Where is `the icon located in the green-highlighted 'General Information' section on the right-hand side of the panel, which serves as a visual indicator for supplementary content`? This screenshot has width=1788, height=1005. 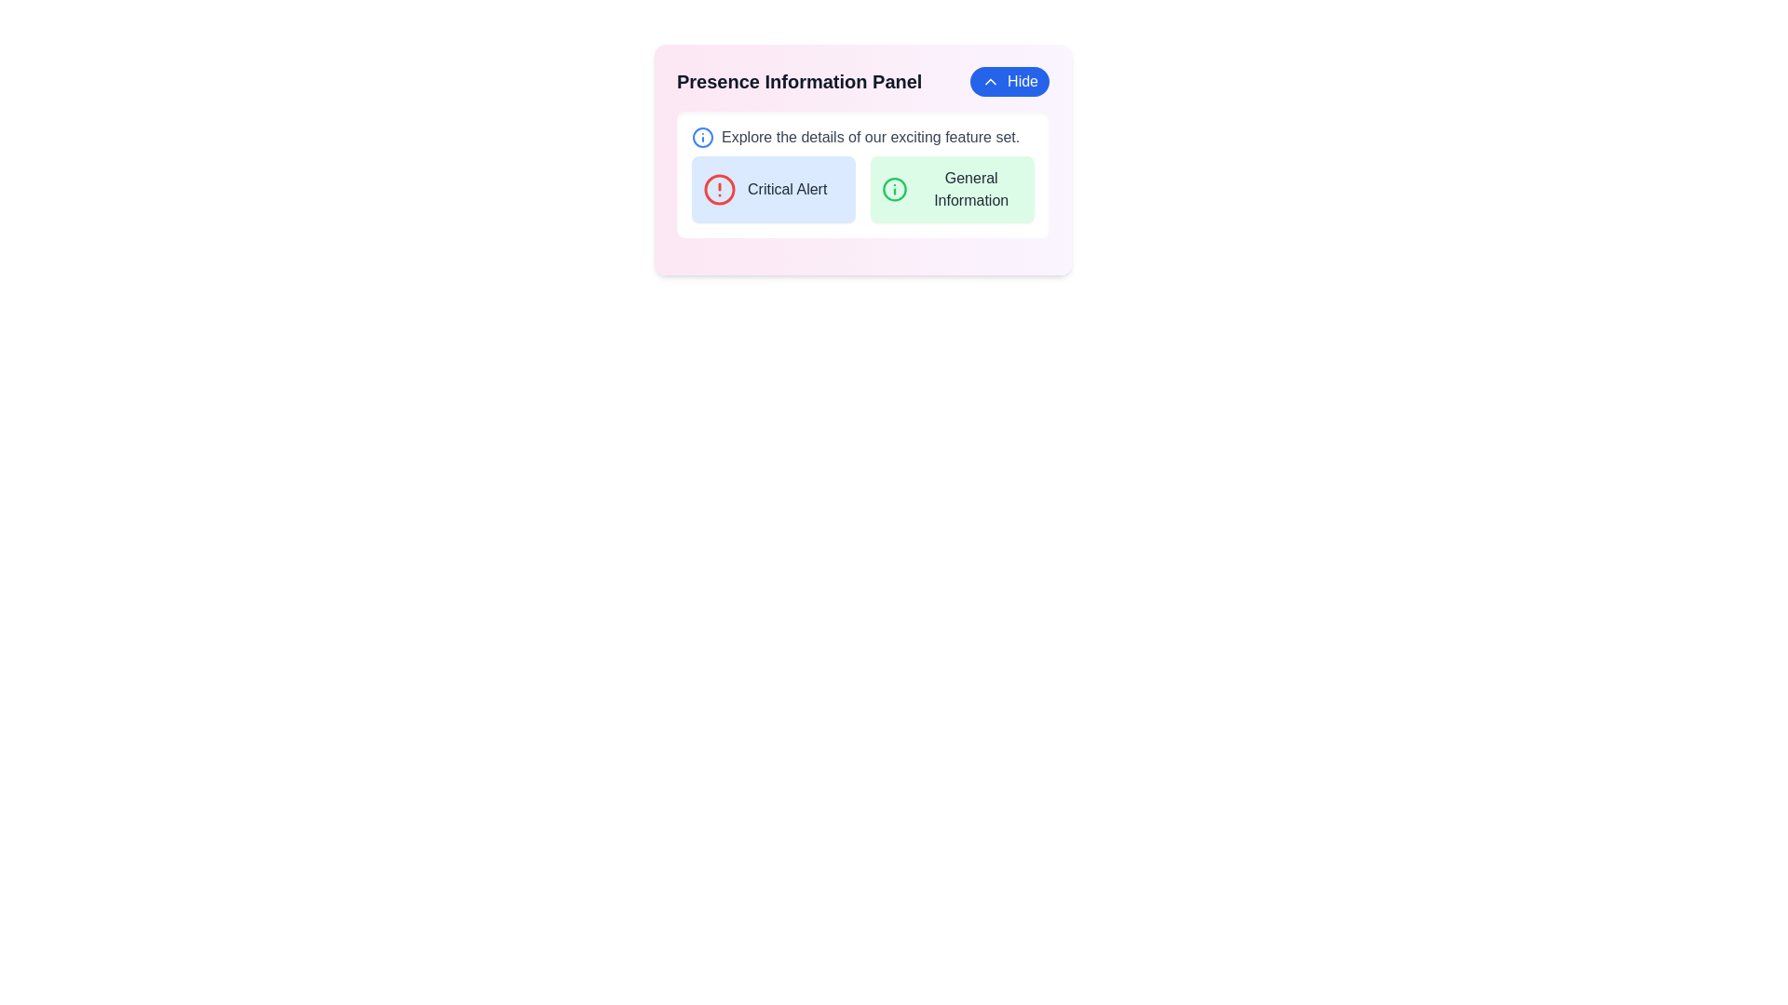
the icon located in the green-highlighted 'General Information' section on the right-hand side of the panel, which serves as a visual indicator for supplementary content is located at coordinates (895, 190).